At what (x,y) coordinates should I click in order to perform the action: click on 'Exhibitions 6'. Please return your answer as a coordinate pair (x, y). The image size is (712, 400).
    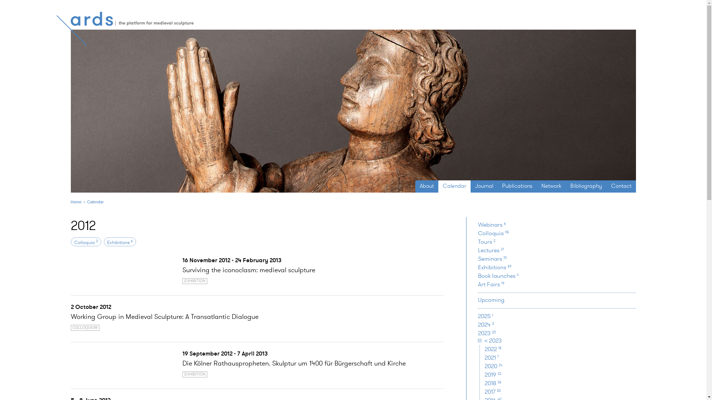
    Looking at the image, I should click on (119, 242).